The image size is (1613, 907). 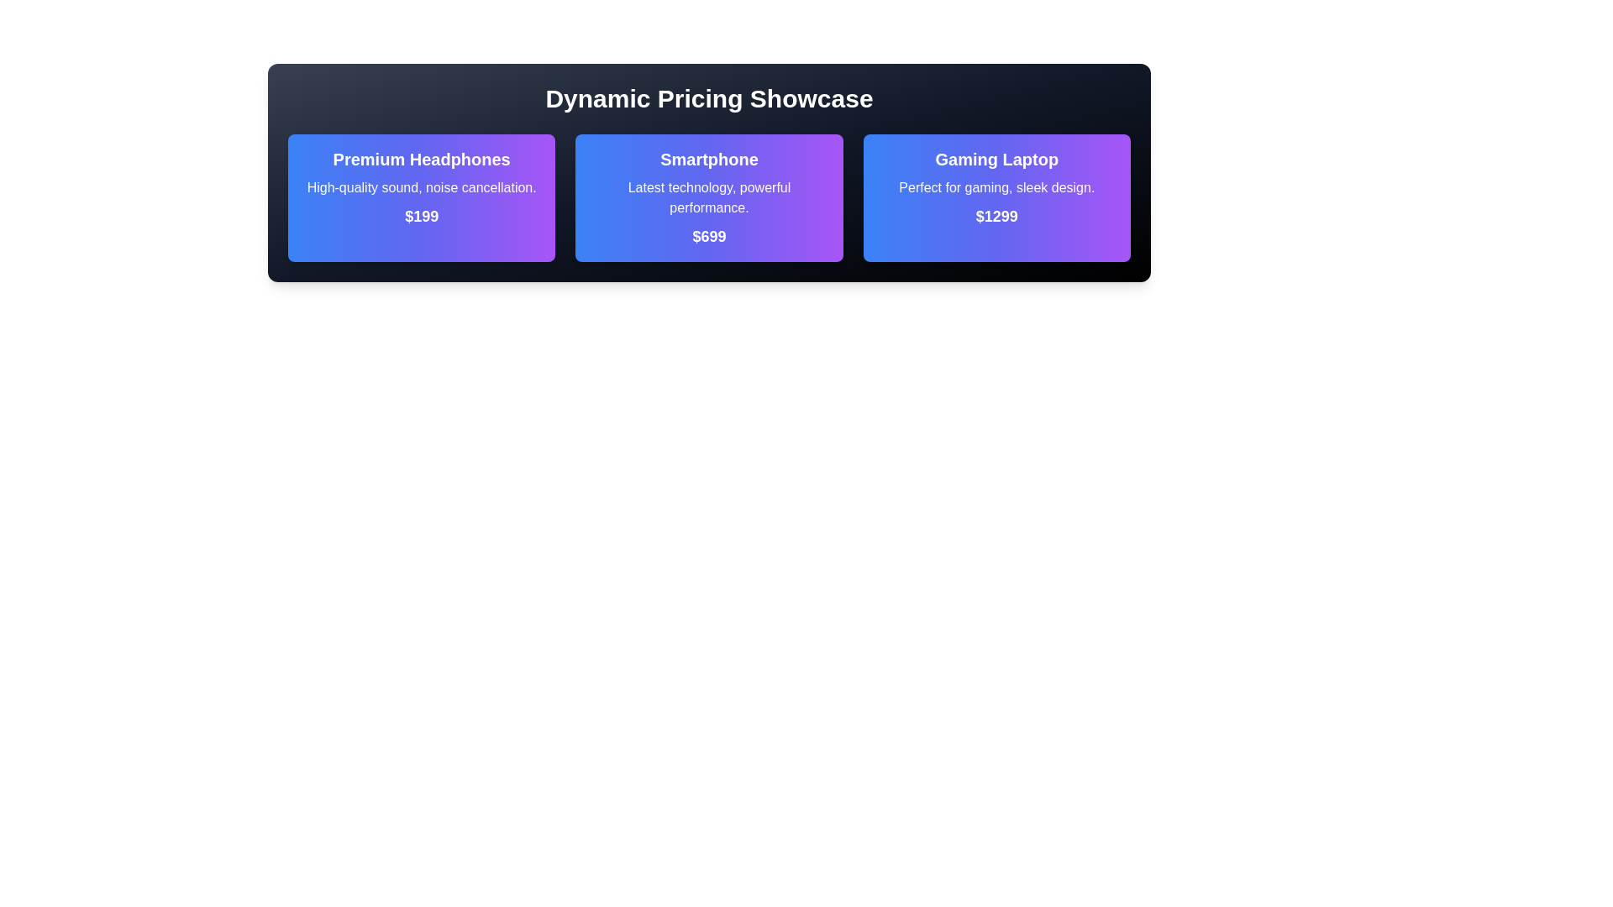 I want to click on text displaying the price "$199" located at the bottom center of the leftmost card under the subtitle "High-quality sound, noise cancellation.", so click(x=422, y=216).